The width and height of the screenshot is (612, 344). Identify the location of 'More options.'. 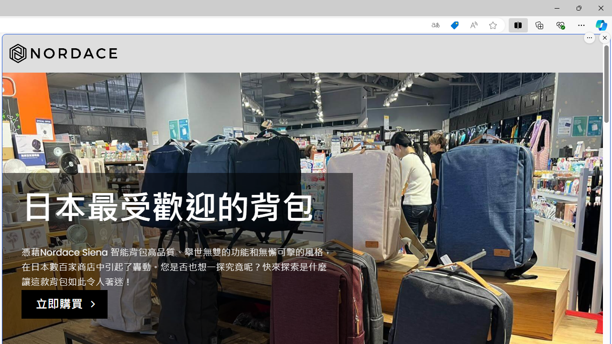
(589, 37).